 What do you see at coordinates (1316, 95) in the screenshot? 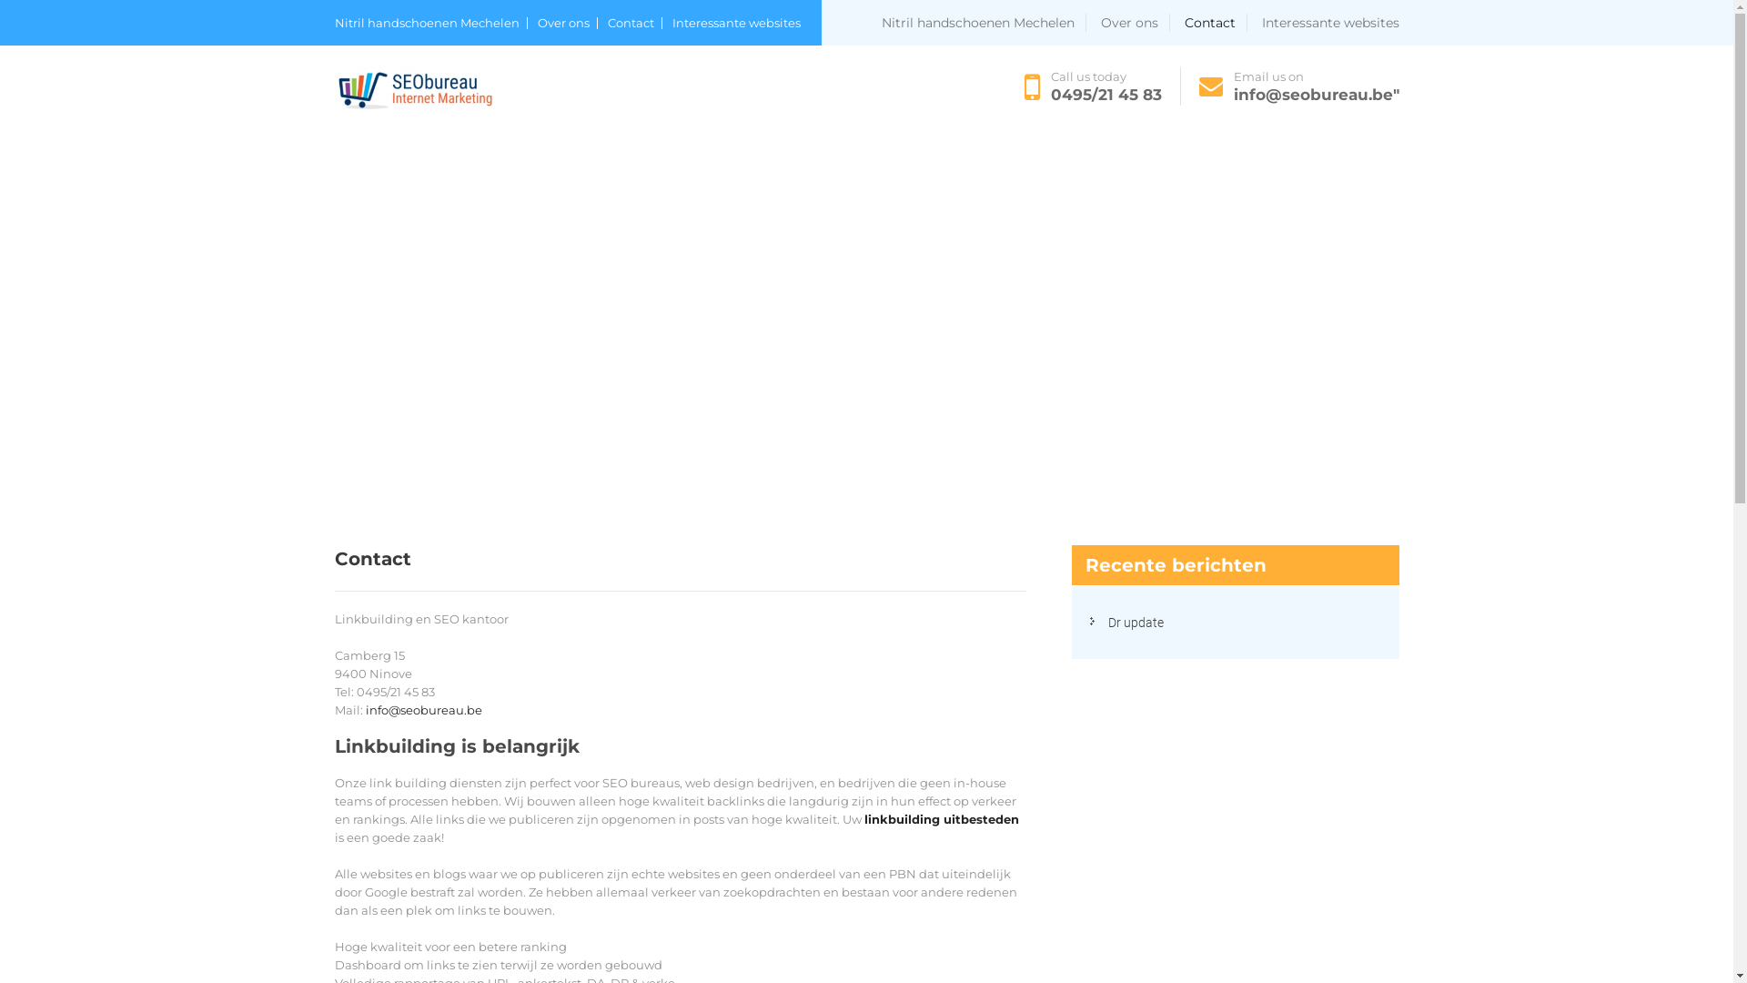
I see `'info@seobureau.be"'` at bounding box center [1316, 95].